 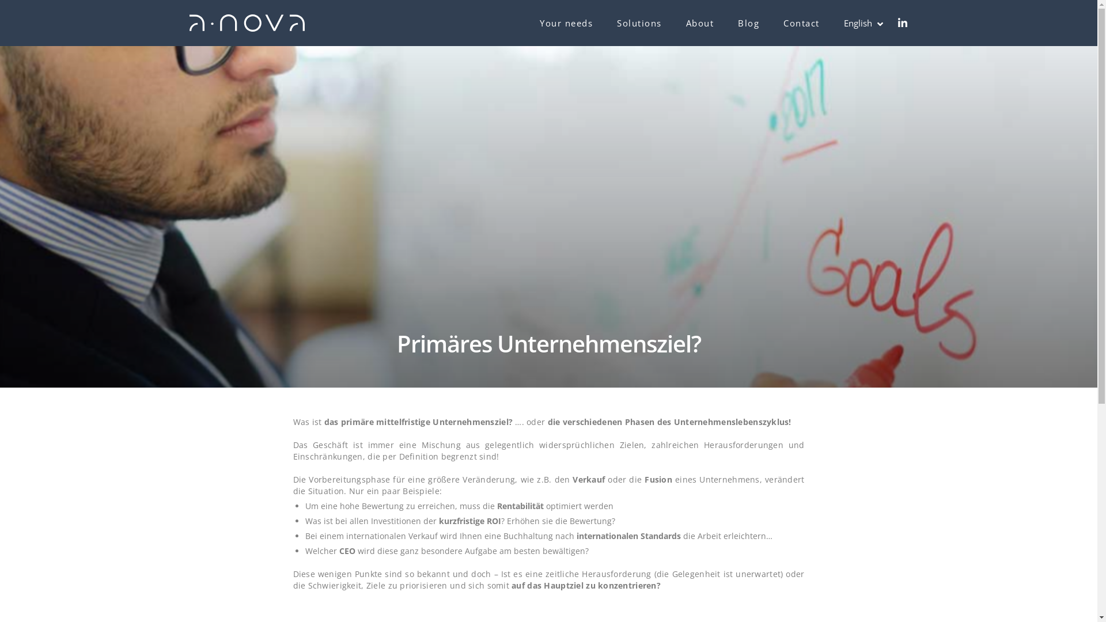 What do you see at coordinates (801, 22) in the screenshot?
I see `'Contact'` at bounding box center [801, 22].